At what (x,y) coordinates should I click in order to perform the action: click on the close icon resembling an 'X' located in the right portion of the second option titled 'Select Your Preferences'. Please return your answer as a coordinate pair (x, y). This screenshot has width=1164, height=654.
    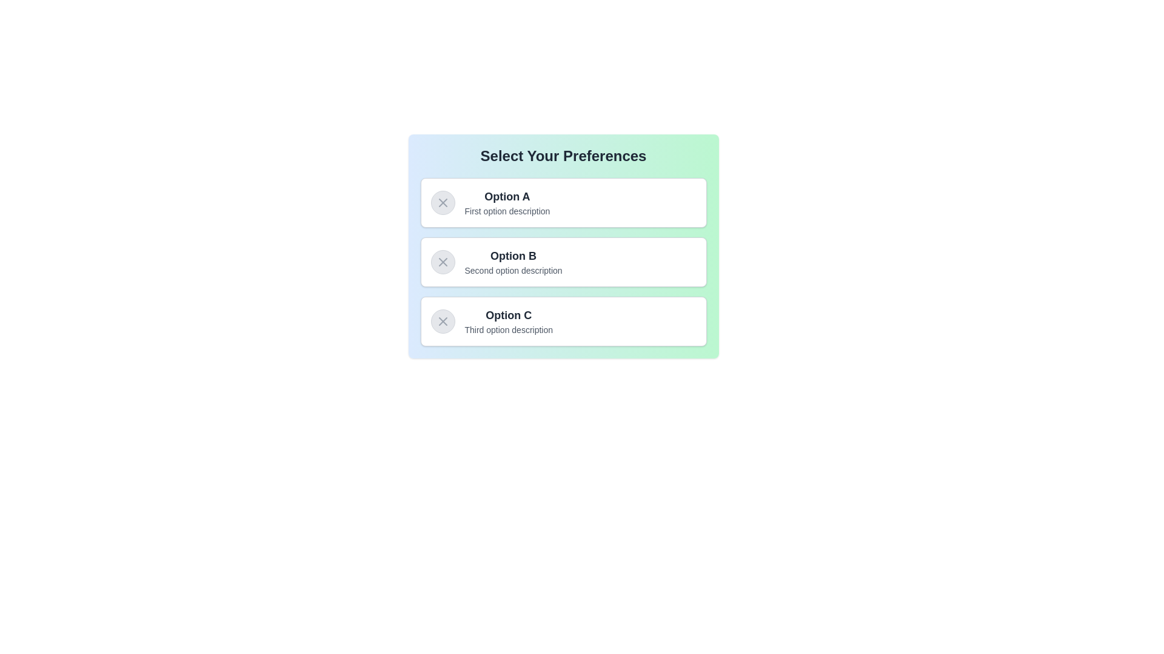
    Looking at the image, I should click on (442, 261).